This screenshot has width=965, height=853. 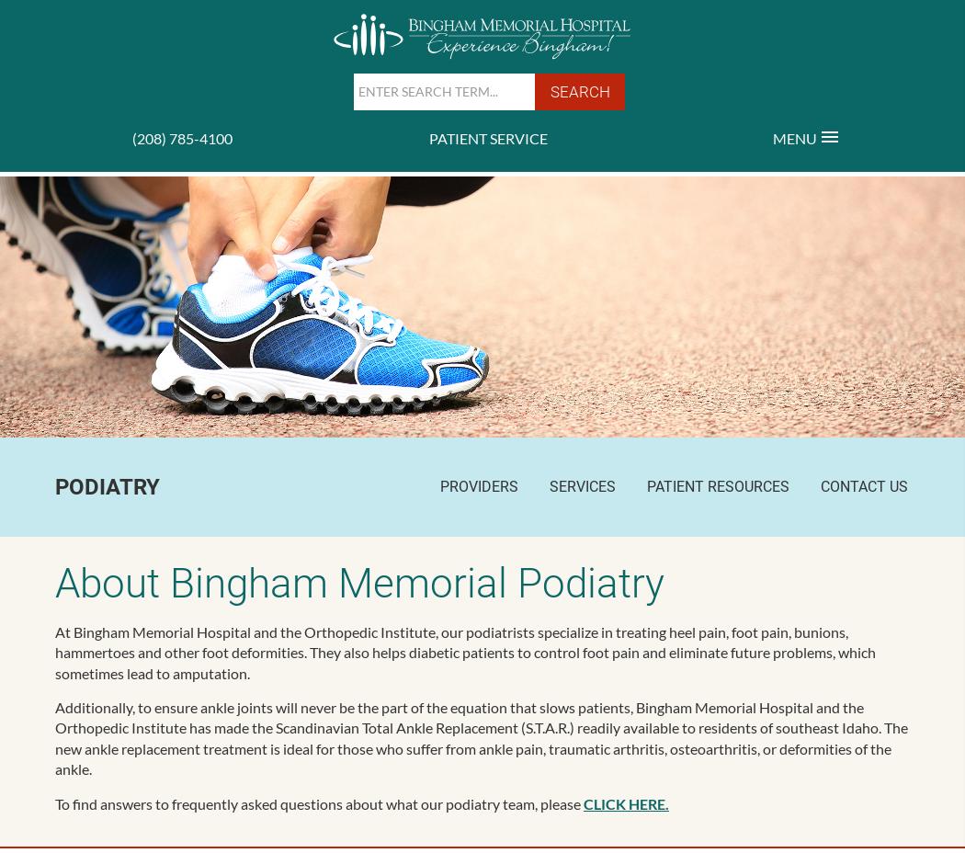 I want to click on 'Providers', so click(x=478, y=484).